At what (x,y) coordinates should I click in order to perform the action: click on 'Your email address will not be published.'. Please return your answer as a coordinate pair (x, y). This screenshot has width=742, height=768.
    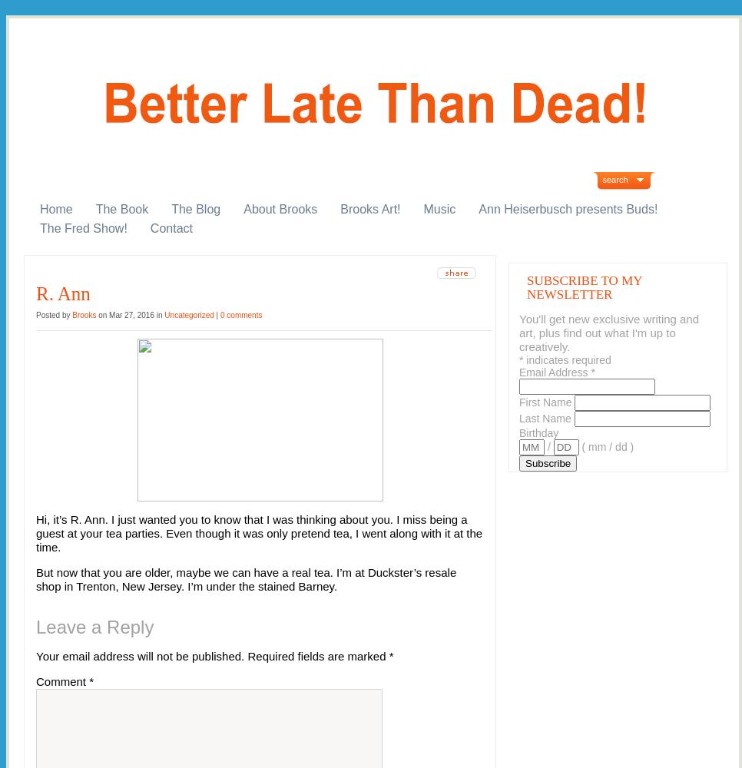
    Looking at the image, I should click on (140, 655).